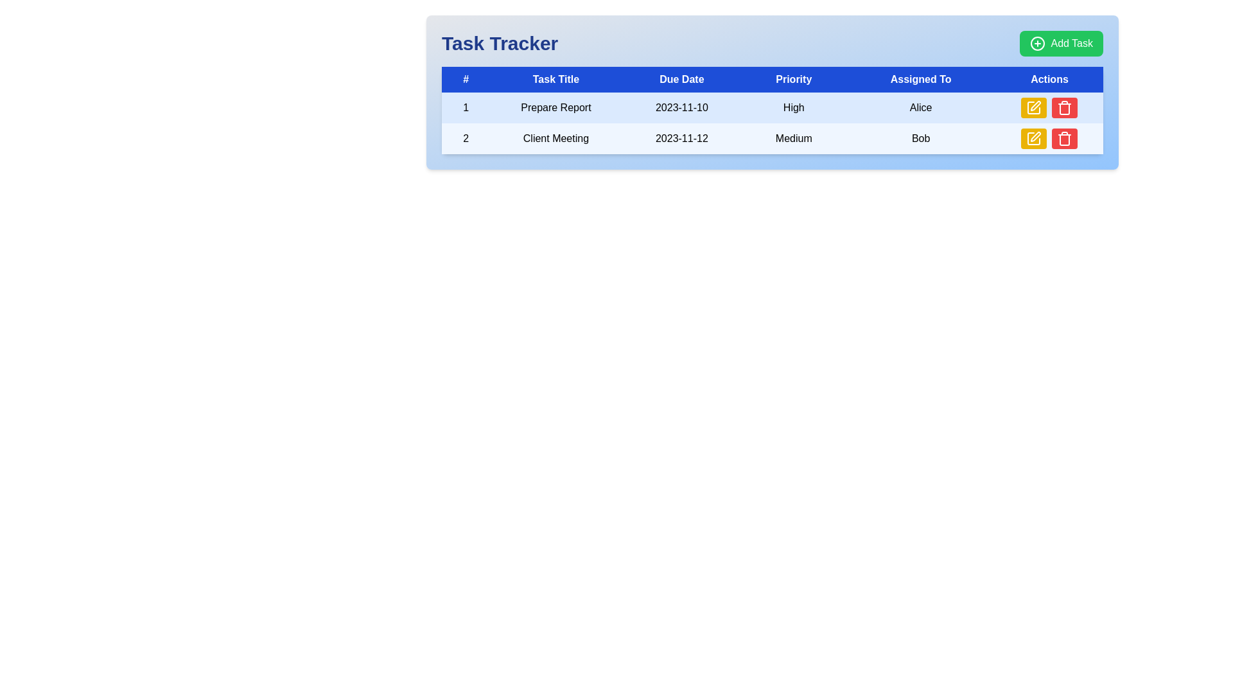 The height and width of the screenshot is (694, 1233). I want to click on the edit button with a pen-shaped icon on a yellow background, so click(1036, 136).